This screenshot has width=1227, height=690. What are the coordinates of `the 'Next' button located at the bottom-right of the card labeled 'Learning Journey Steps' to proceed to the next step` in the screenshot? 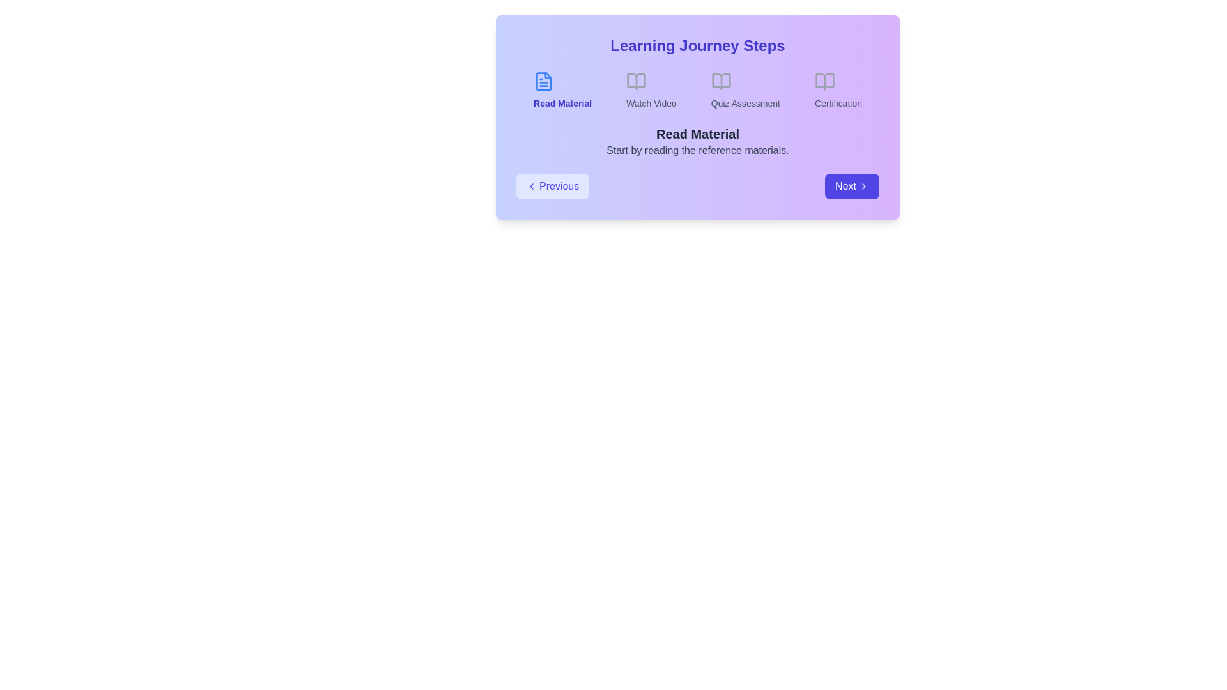 It's located at (864, 187).